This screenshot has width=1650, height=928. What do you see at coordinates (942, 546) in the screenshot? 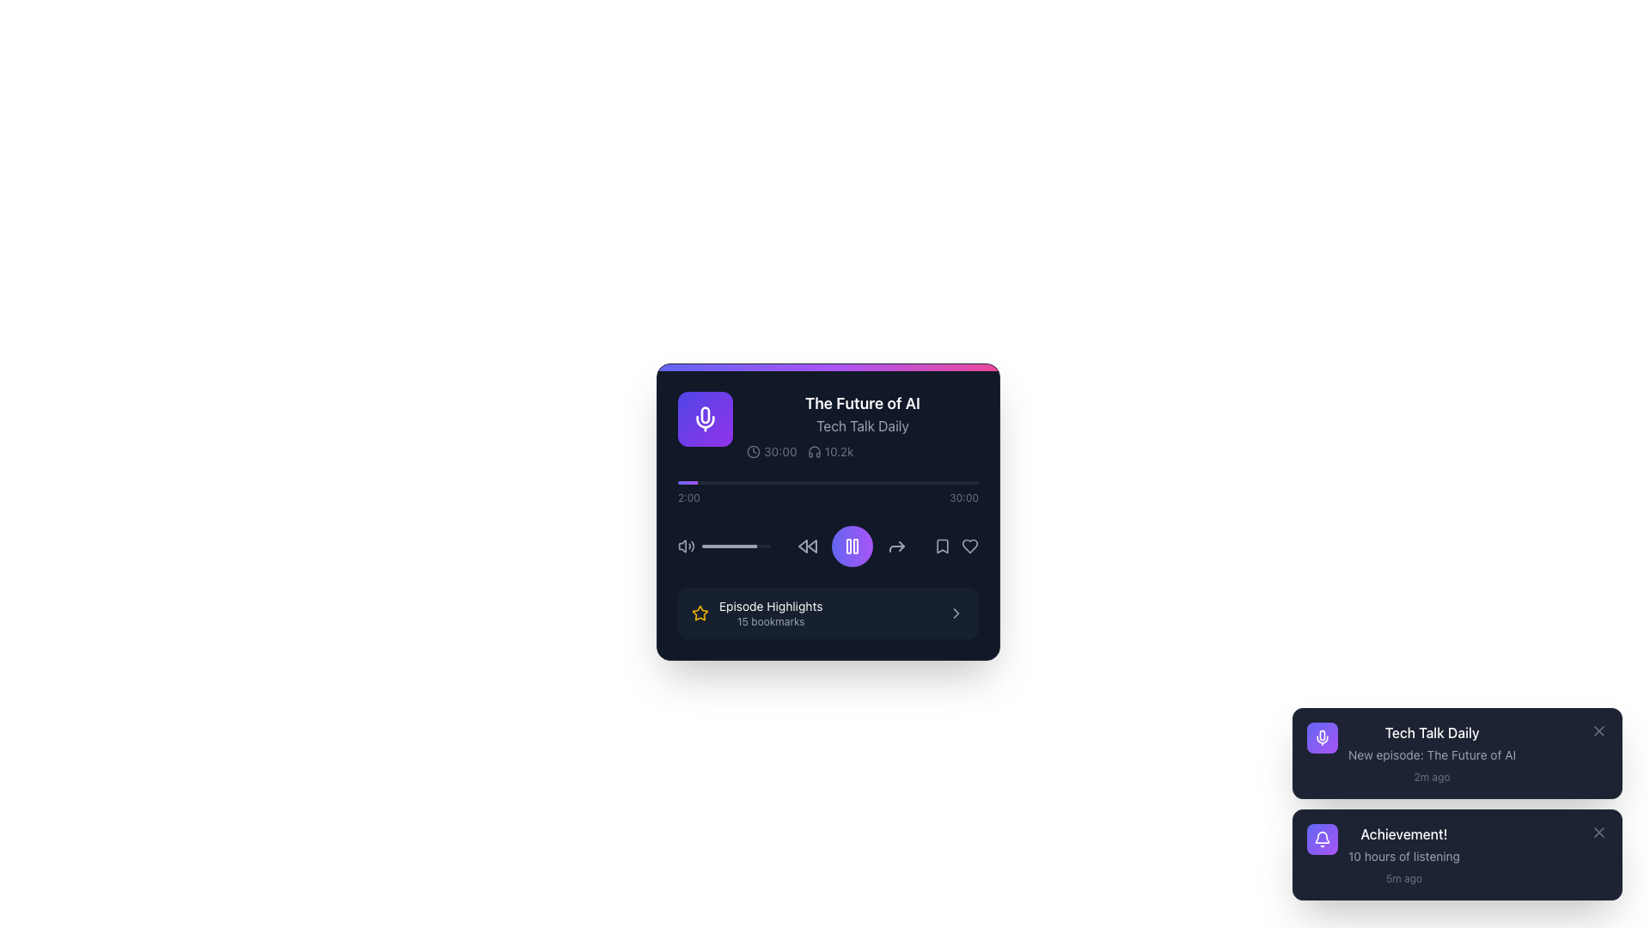
I see `the first bookmark button located to the right of the playback control button to bookmark content` at bounding box center [942, 546].